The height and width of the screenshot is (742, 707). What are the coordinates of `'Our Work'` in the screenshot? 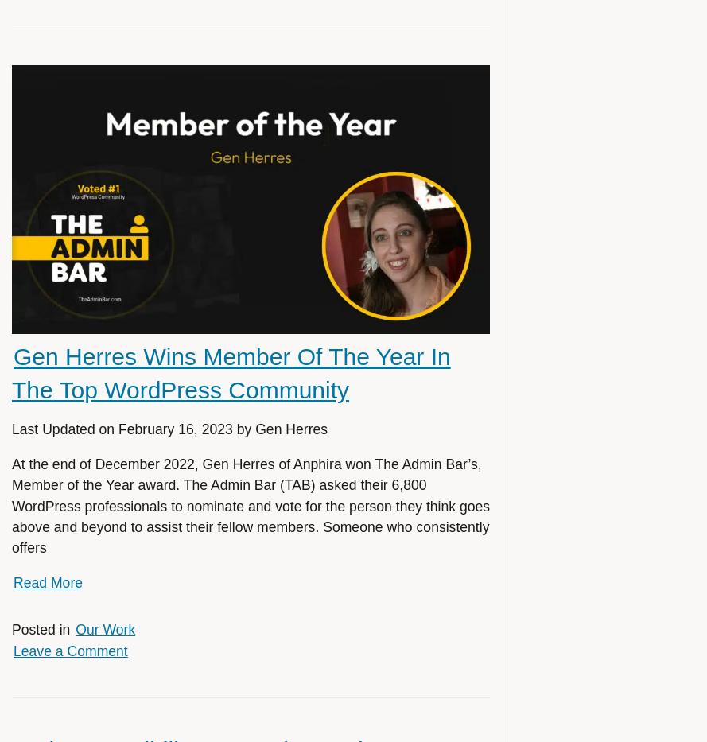 It's located at (105, 630).